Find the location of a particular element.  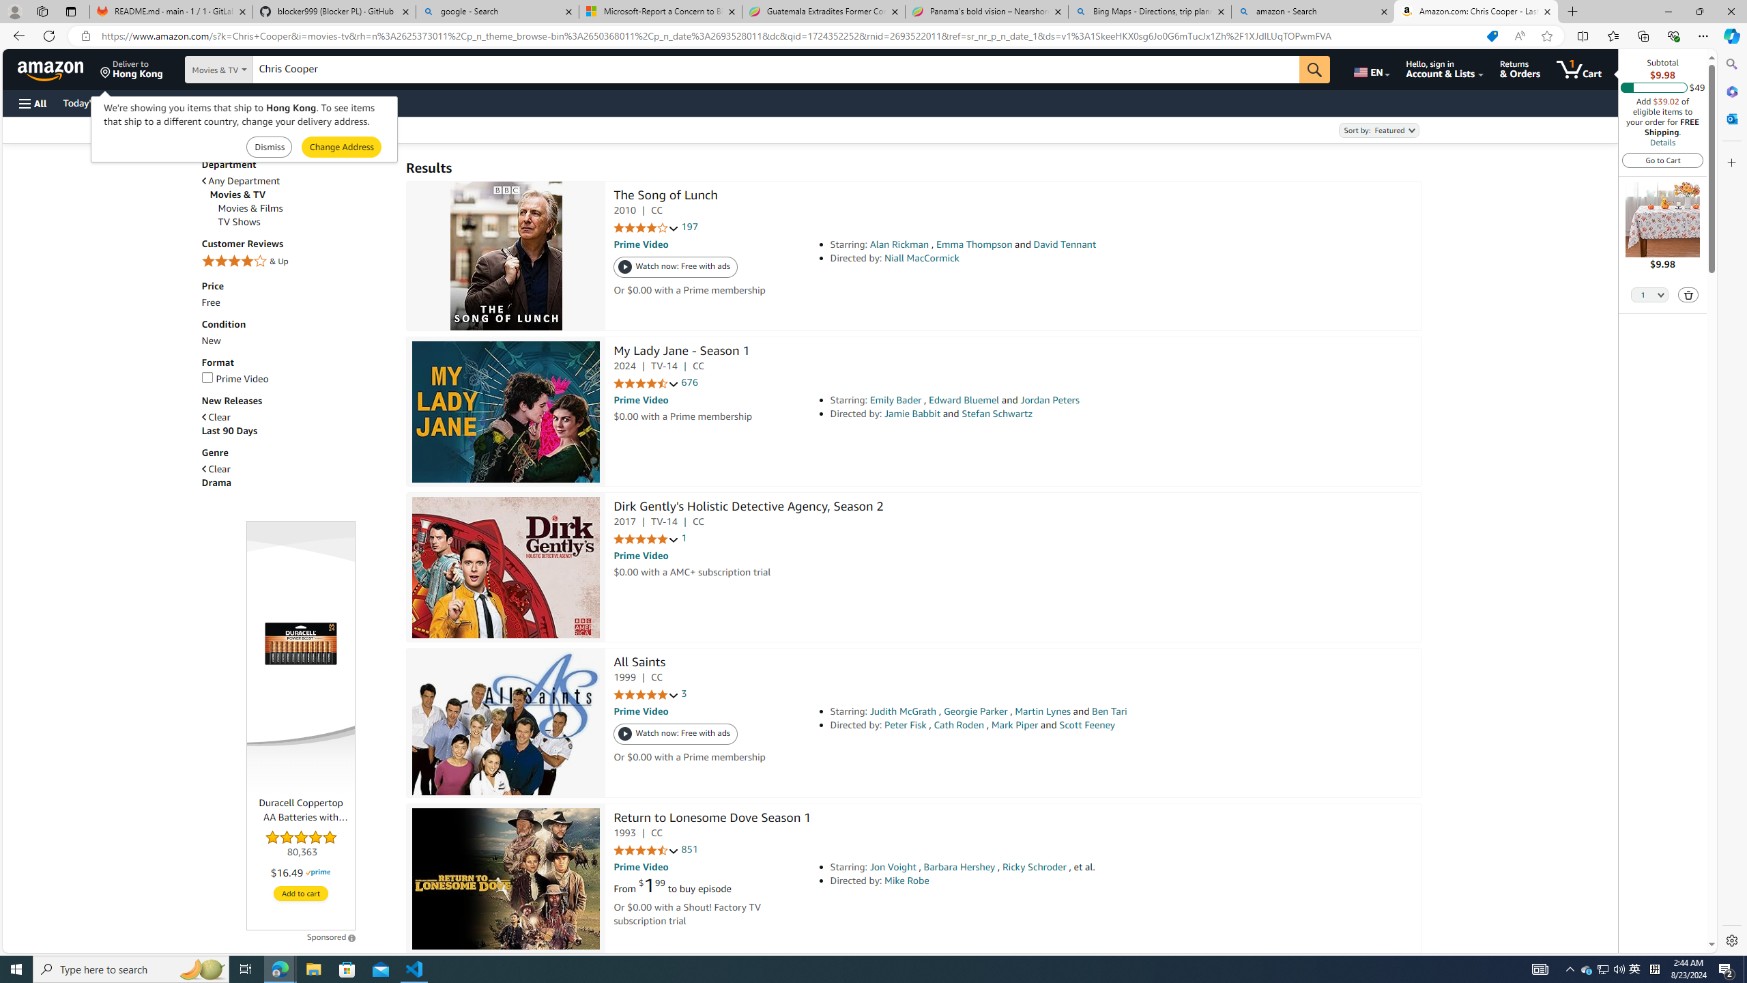

'TV Shows' is located at coordinates (239, 222).